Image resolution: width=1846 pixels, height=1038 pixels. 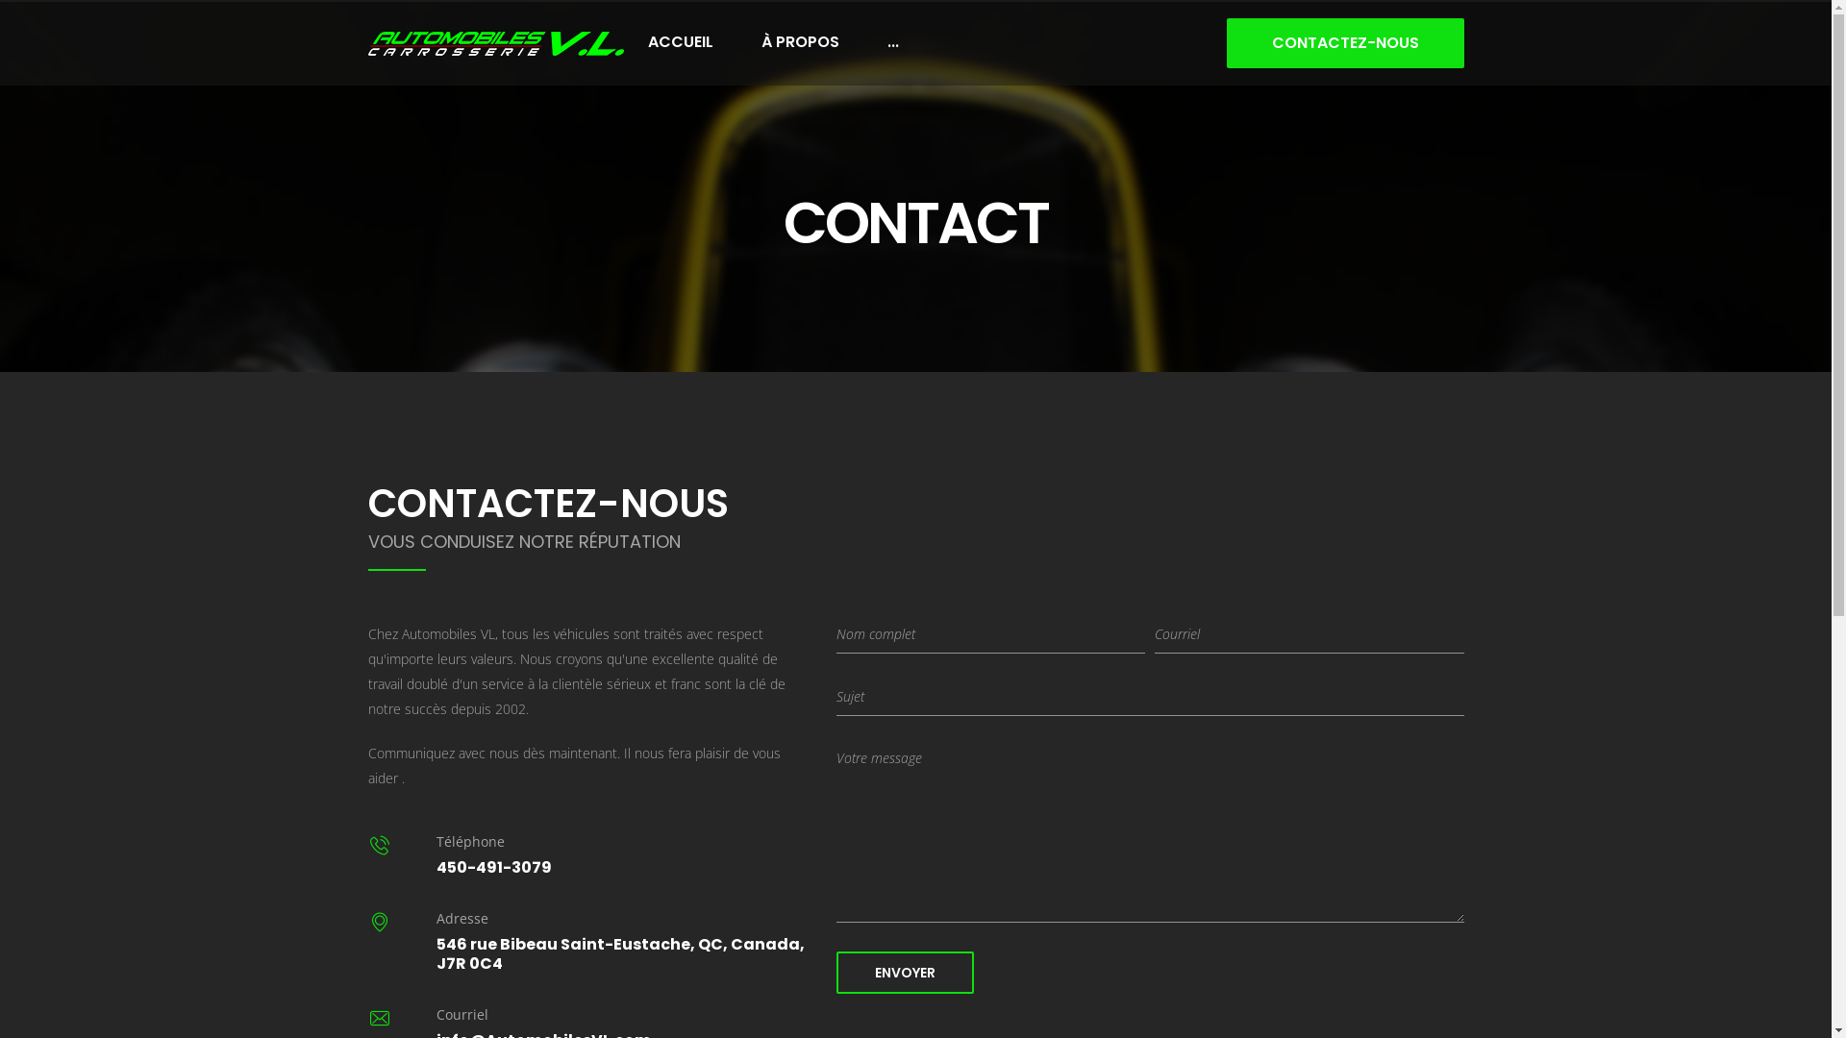 What do you see at coordinates (892, 42) in the screenshot?
I see `'...'` at bounding box center [892, 42].